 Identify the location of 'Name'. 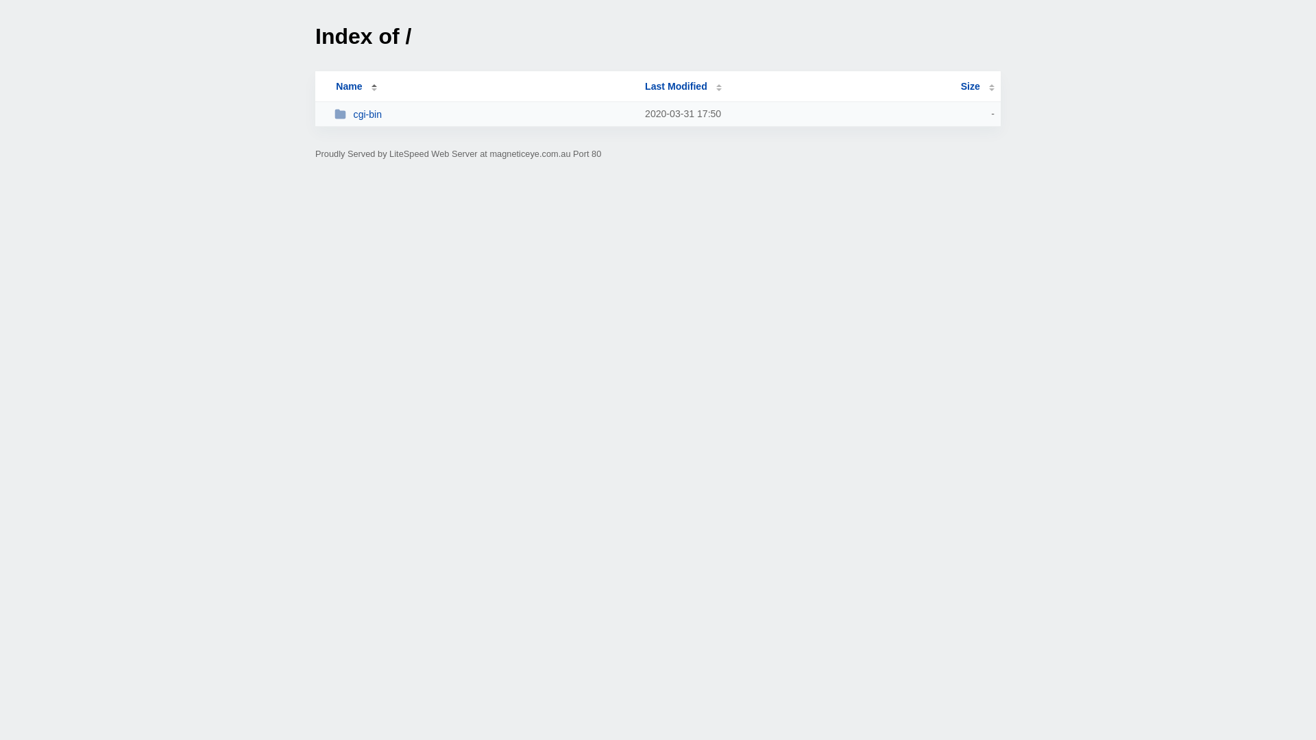
(348, 86).